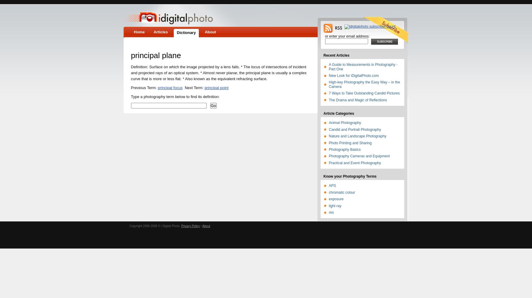 This screenshot has width=532, height=298. Describe the element at coordinates (363, 66) in the screenshot. I see `'A Guide to Measurements in Photography - Part One'` at that location.